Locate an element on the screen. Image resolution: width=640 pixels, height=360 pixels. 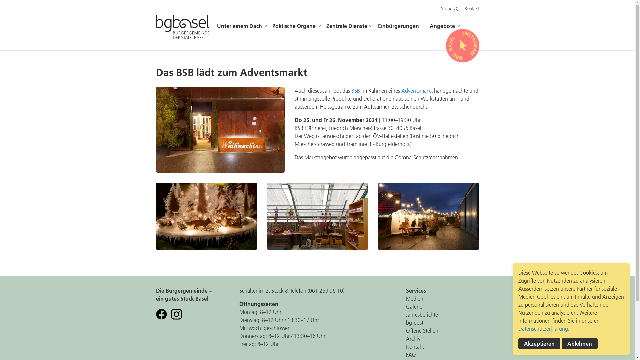
'Kontakt' is located at coordinates (472, 9).